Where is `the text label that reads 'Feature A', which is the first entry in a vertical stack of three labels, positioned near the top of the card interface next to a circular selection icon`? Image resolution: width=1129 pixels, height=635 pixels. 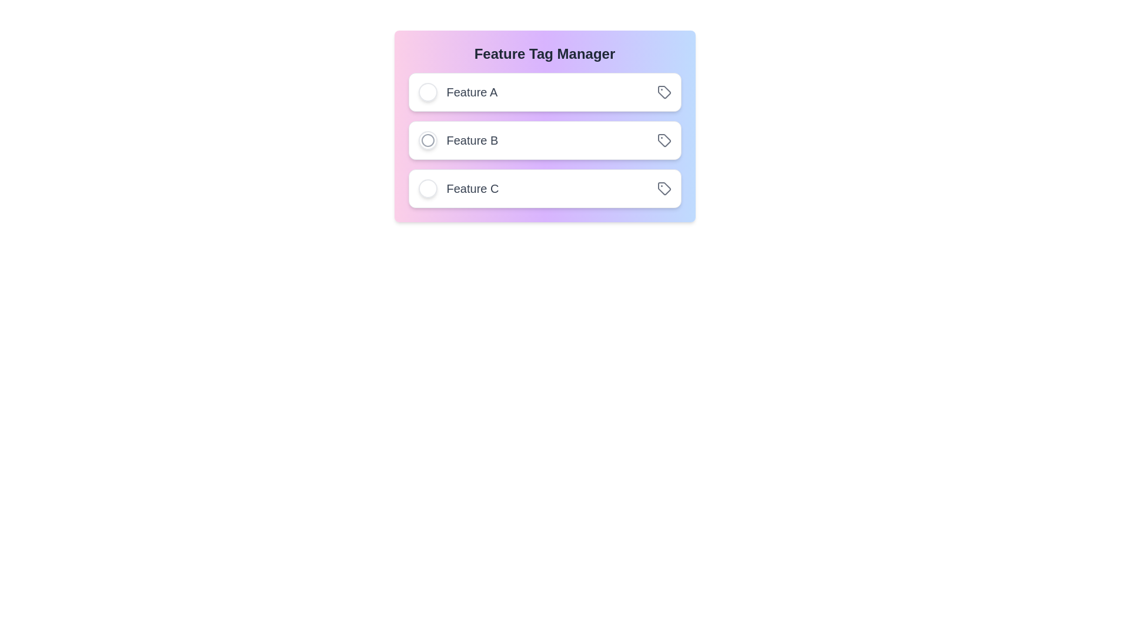 the text label that reads 'Feature A', which is the first entry in a vertical stack of three labels, positioned near the top of the card interface next to a circular selection icon is located at coordinates (457, 92).